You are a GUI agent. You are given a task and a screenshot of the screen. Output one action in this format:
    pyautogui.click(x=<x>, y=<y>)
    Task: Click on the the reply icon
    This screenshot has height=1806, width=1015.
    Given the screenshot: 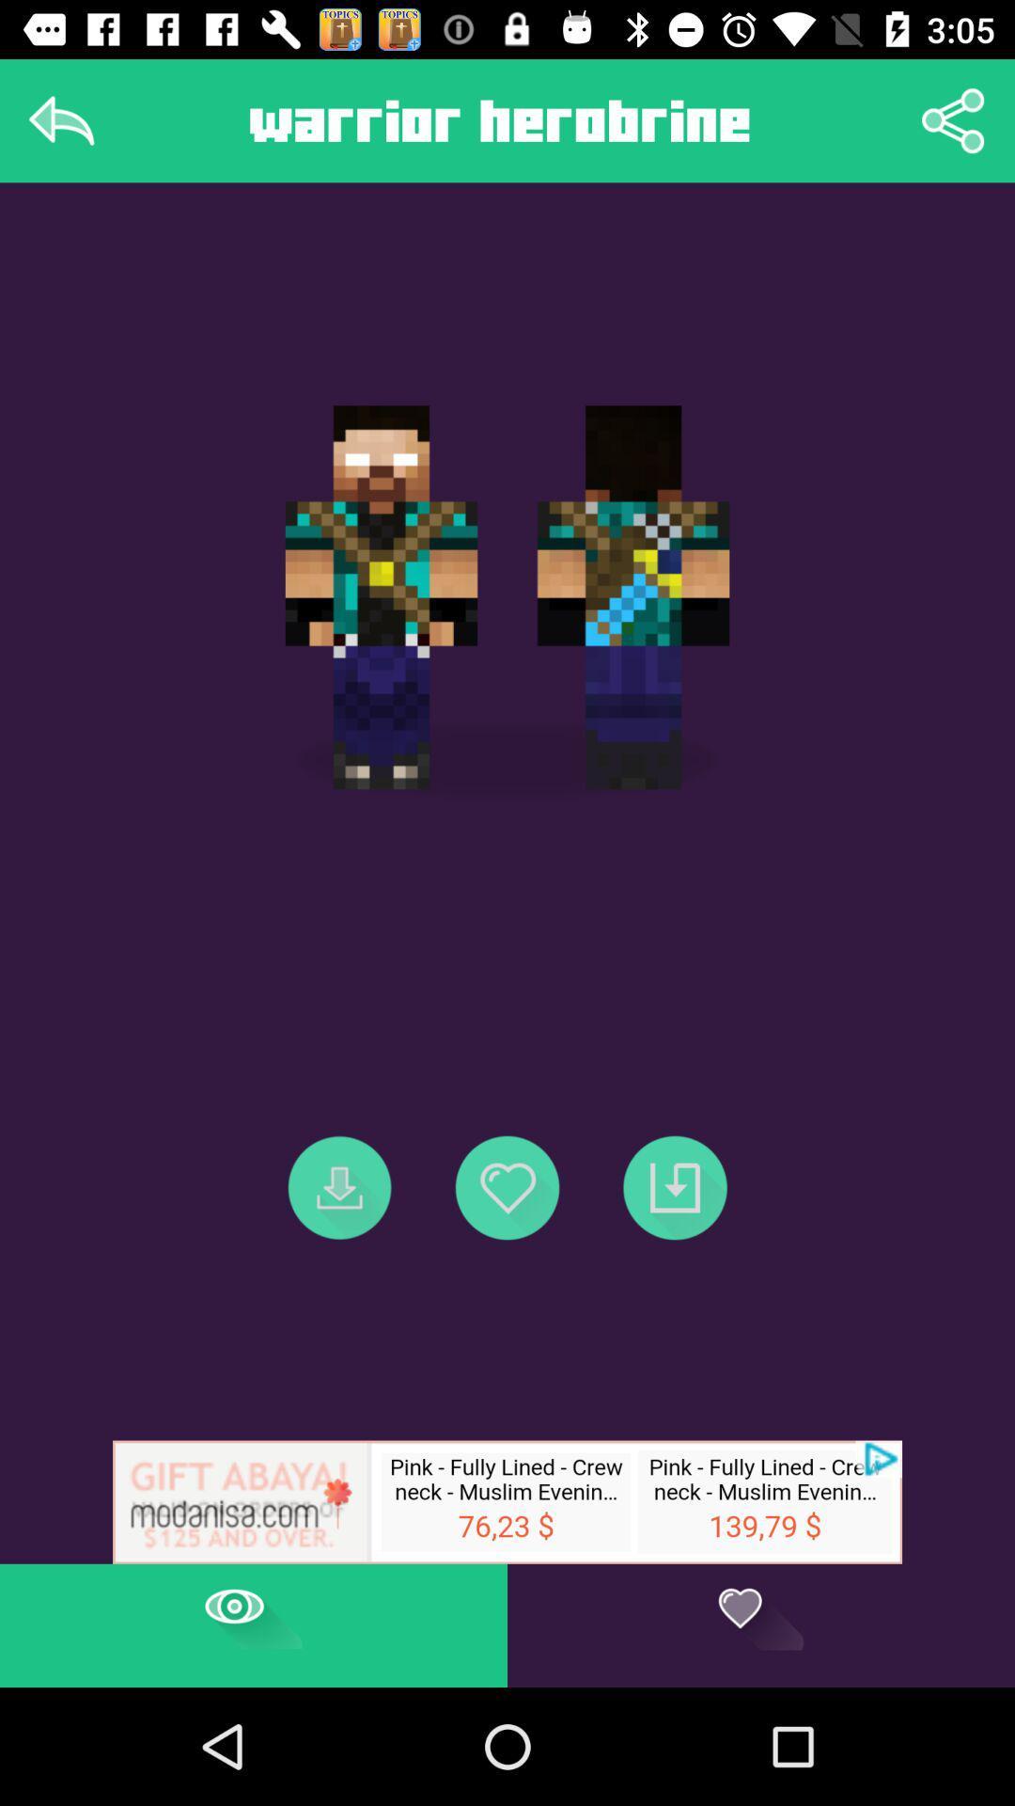 What is the action you would take?
    pyautogui.click(x=60, y=119)
    